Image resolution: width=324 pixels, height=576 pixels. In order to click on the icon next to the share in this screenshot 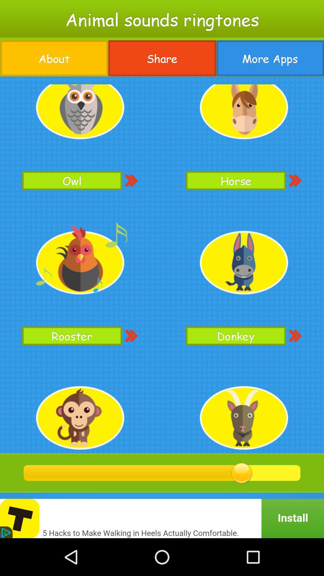, I will do `click(270, 58)`.